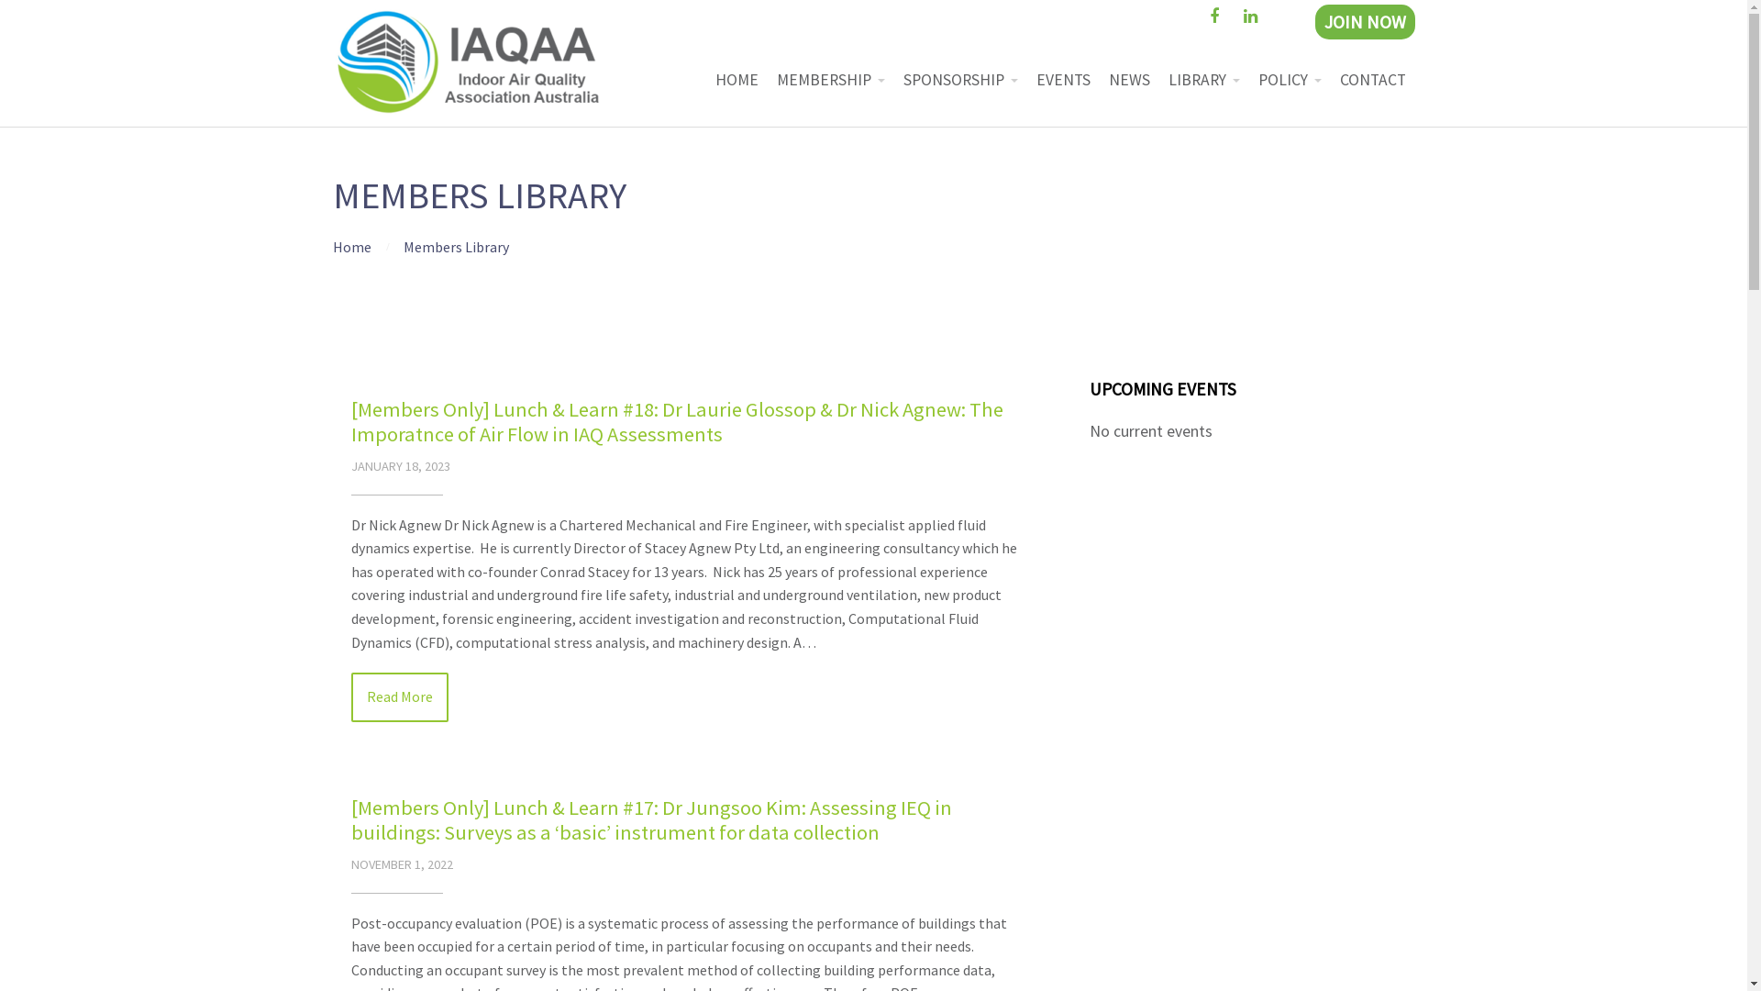 This screenshot has width=1761, height=991. Describe the element at coordinates (456, 246) in the screenshot. I see `'Members Library'` at that location.